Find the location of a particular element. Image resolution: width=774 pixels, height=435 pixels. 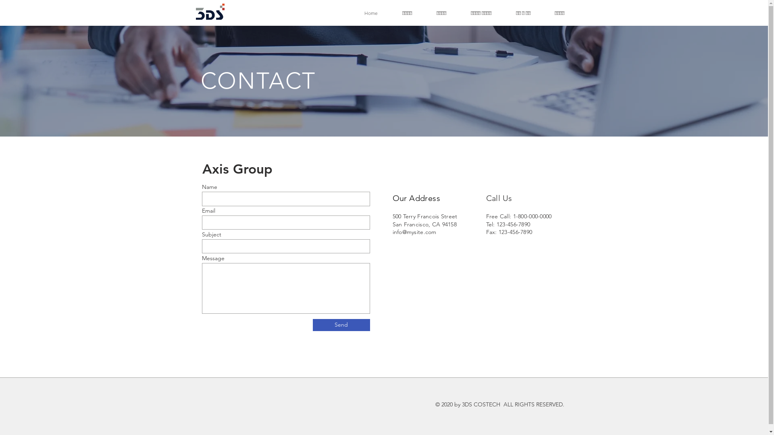

'Home' is located at coordinates (371, 13).